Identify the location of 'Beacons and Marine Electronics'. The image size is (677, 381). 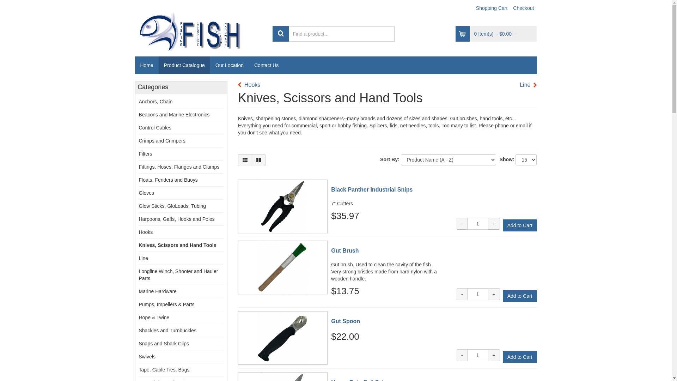
(174, 114).